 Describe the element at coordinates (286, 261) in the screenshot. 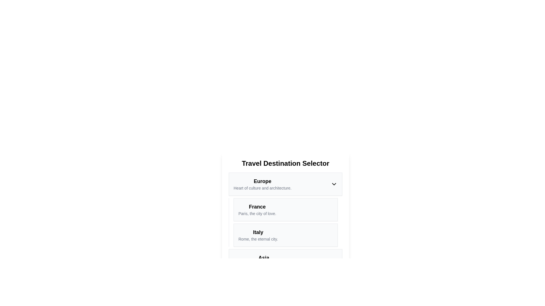

I see `the 'Asia' collapsible section header using keyboard navigation` at that location.